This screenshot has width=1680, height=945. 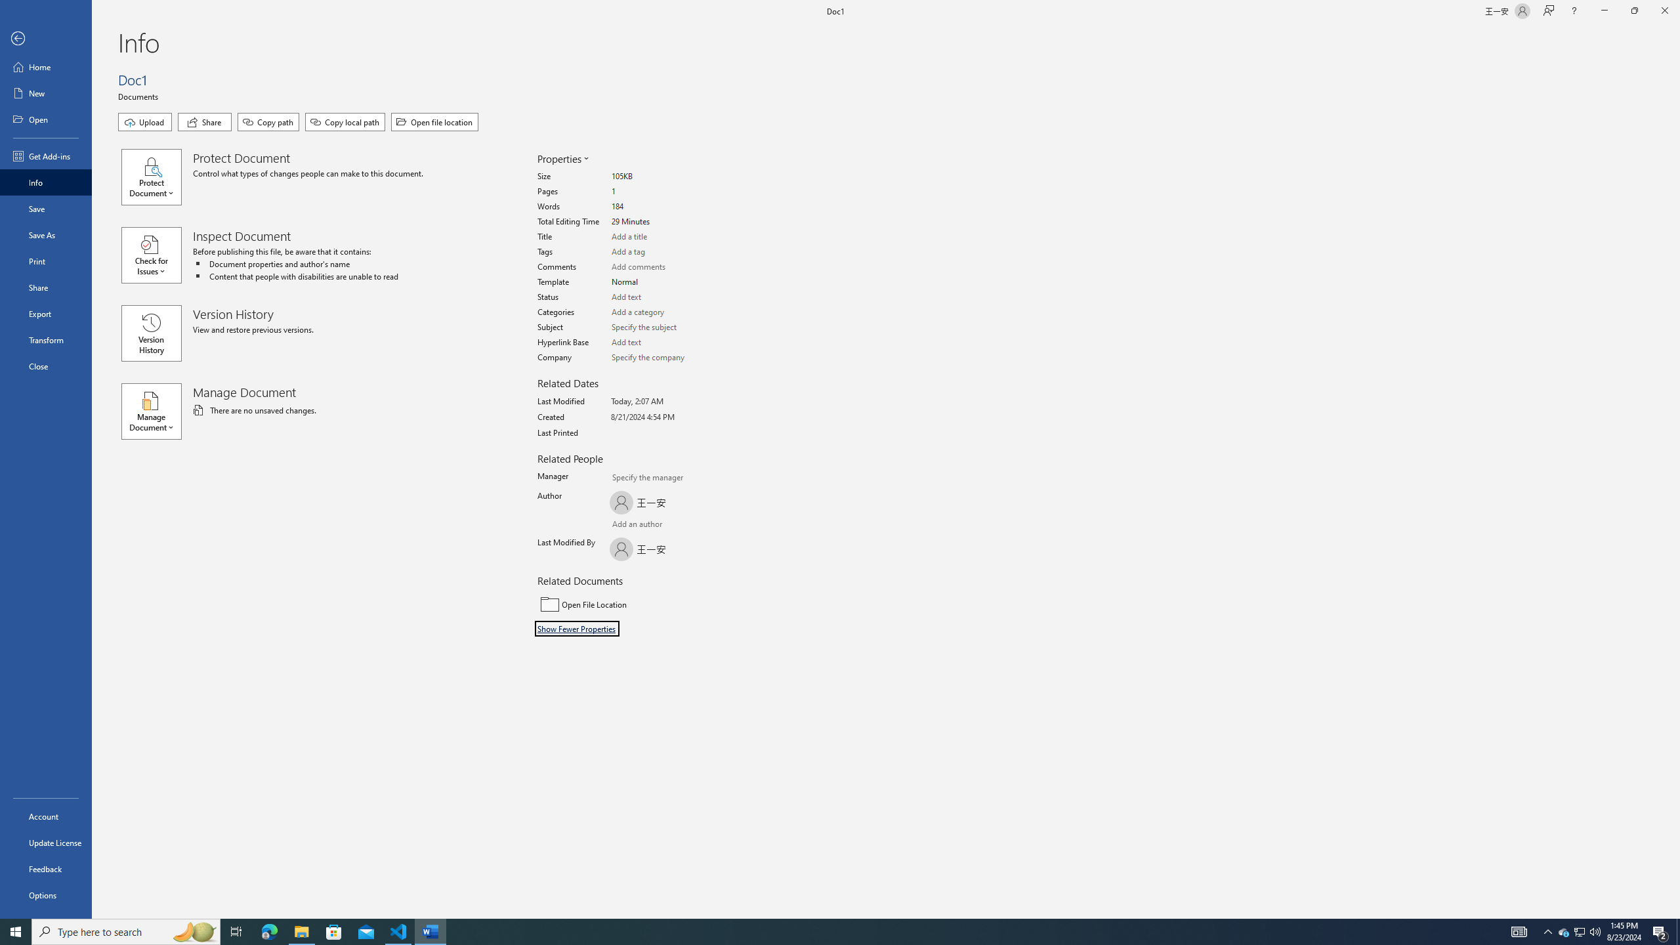 I want to click on 'Company', so click(x=660, y=357).